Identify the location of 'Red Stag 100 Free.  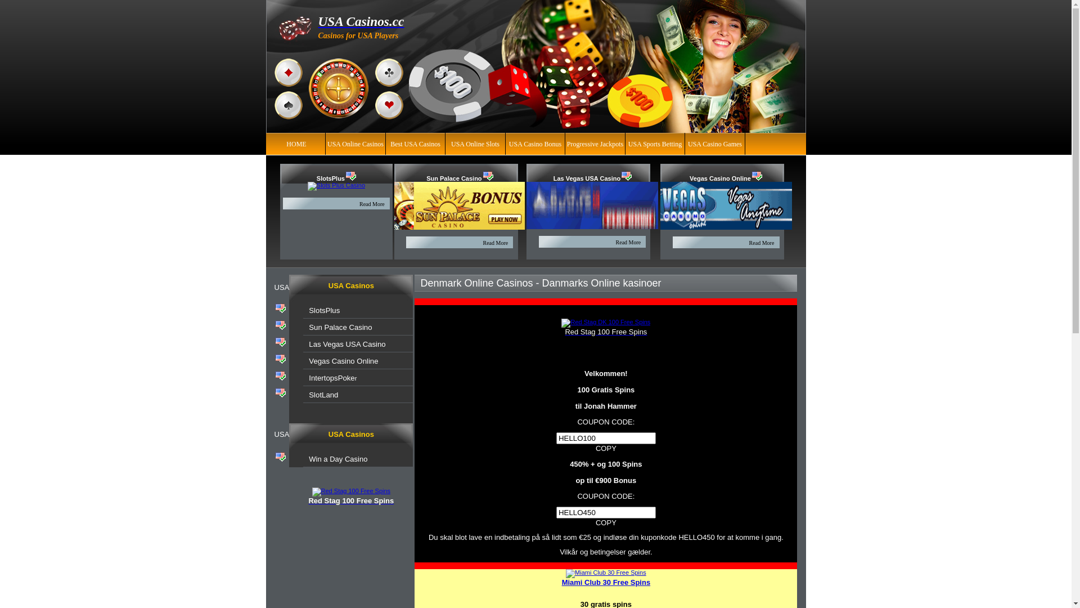
(312, 491).